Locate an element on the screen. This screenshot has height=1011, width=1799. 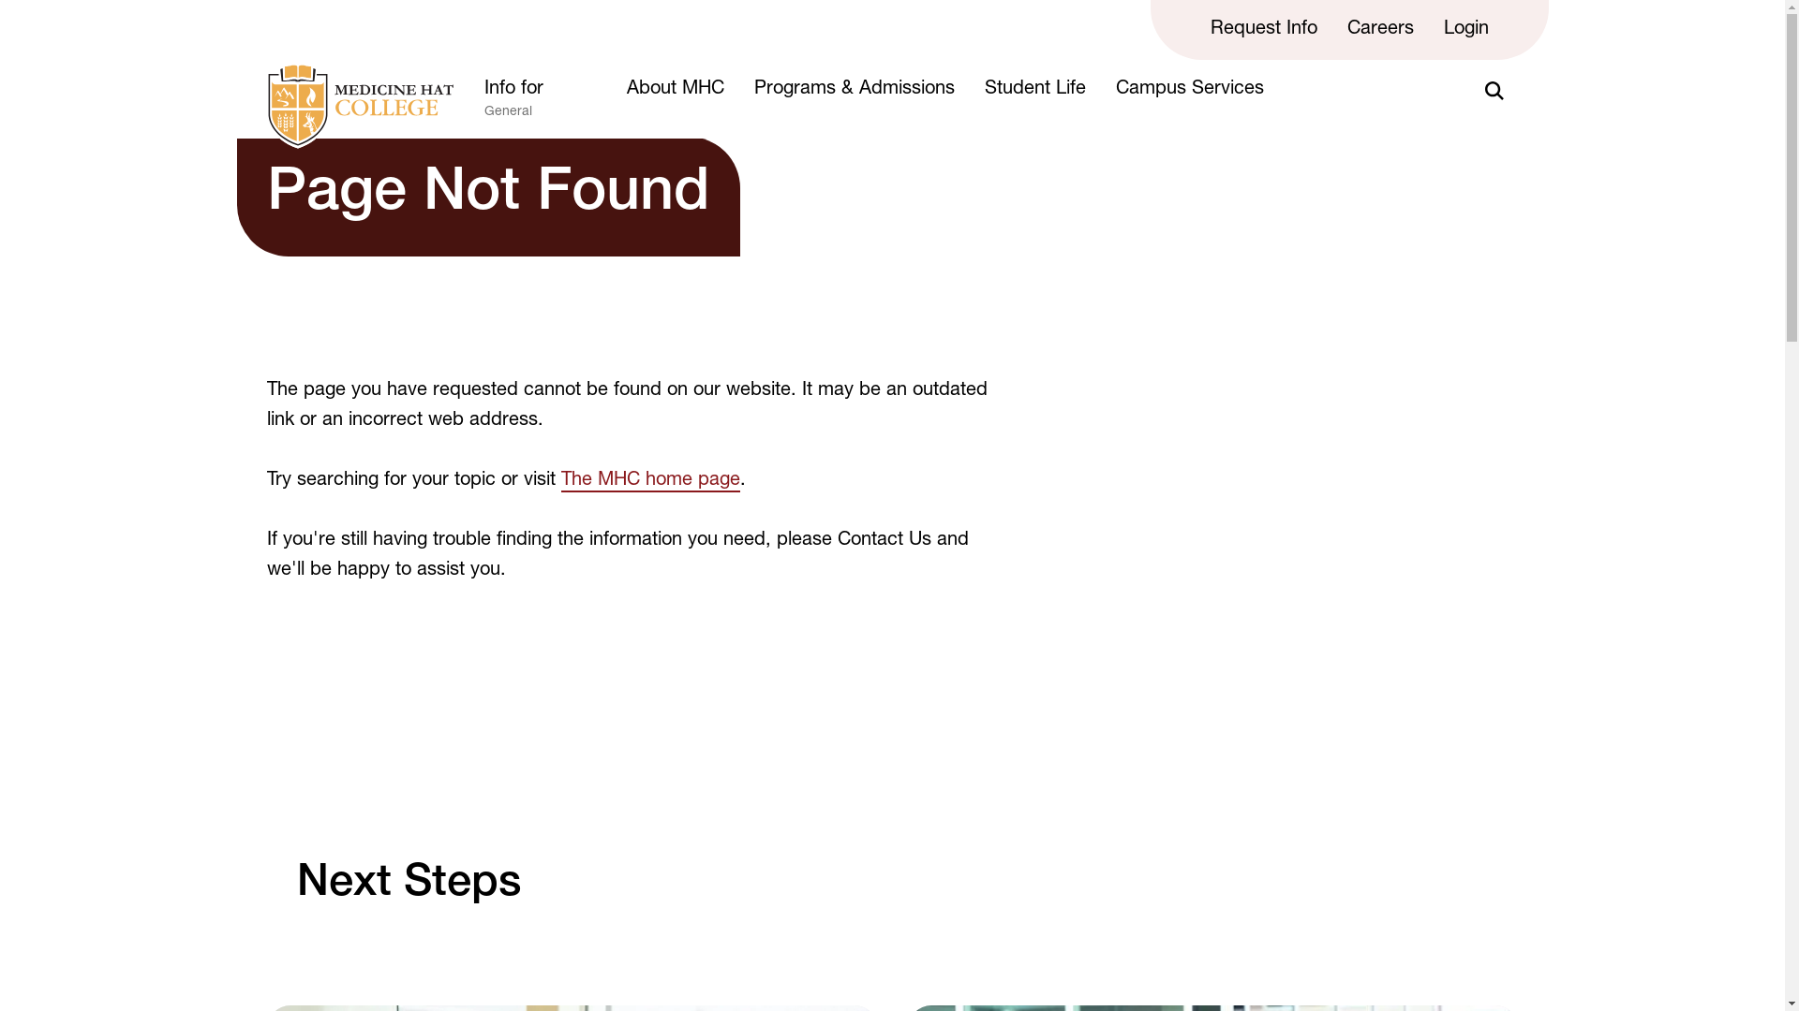
'Programs & Admissions' is located at coordinates (853, 90).